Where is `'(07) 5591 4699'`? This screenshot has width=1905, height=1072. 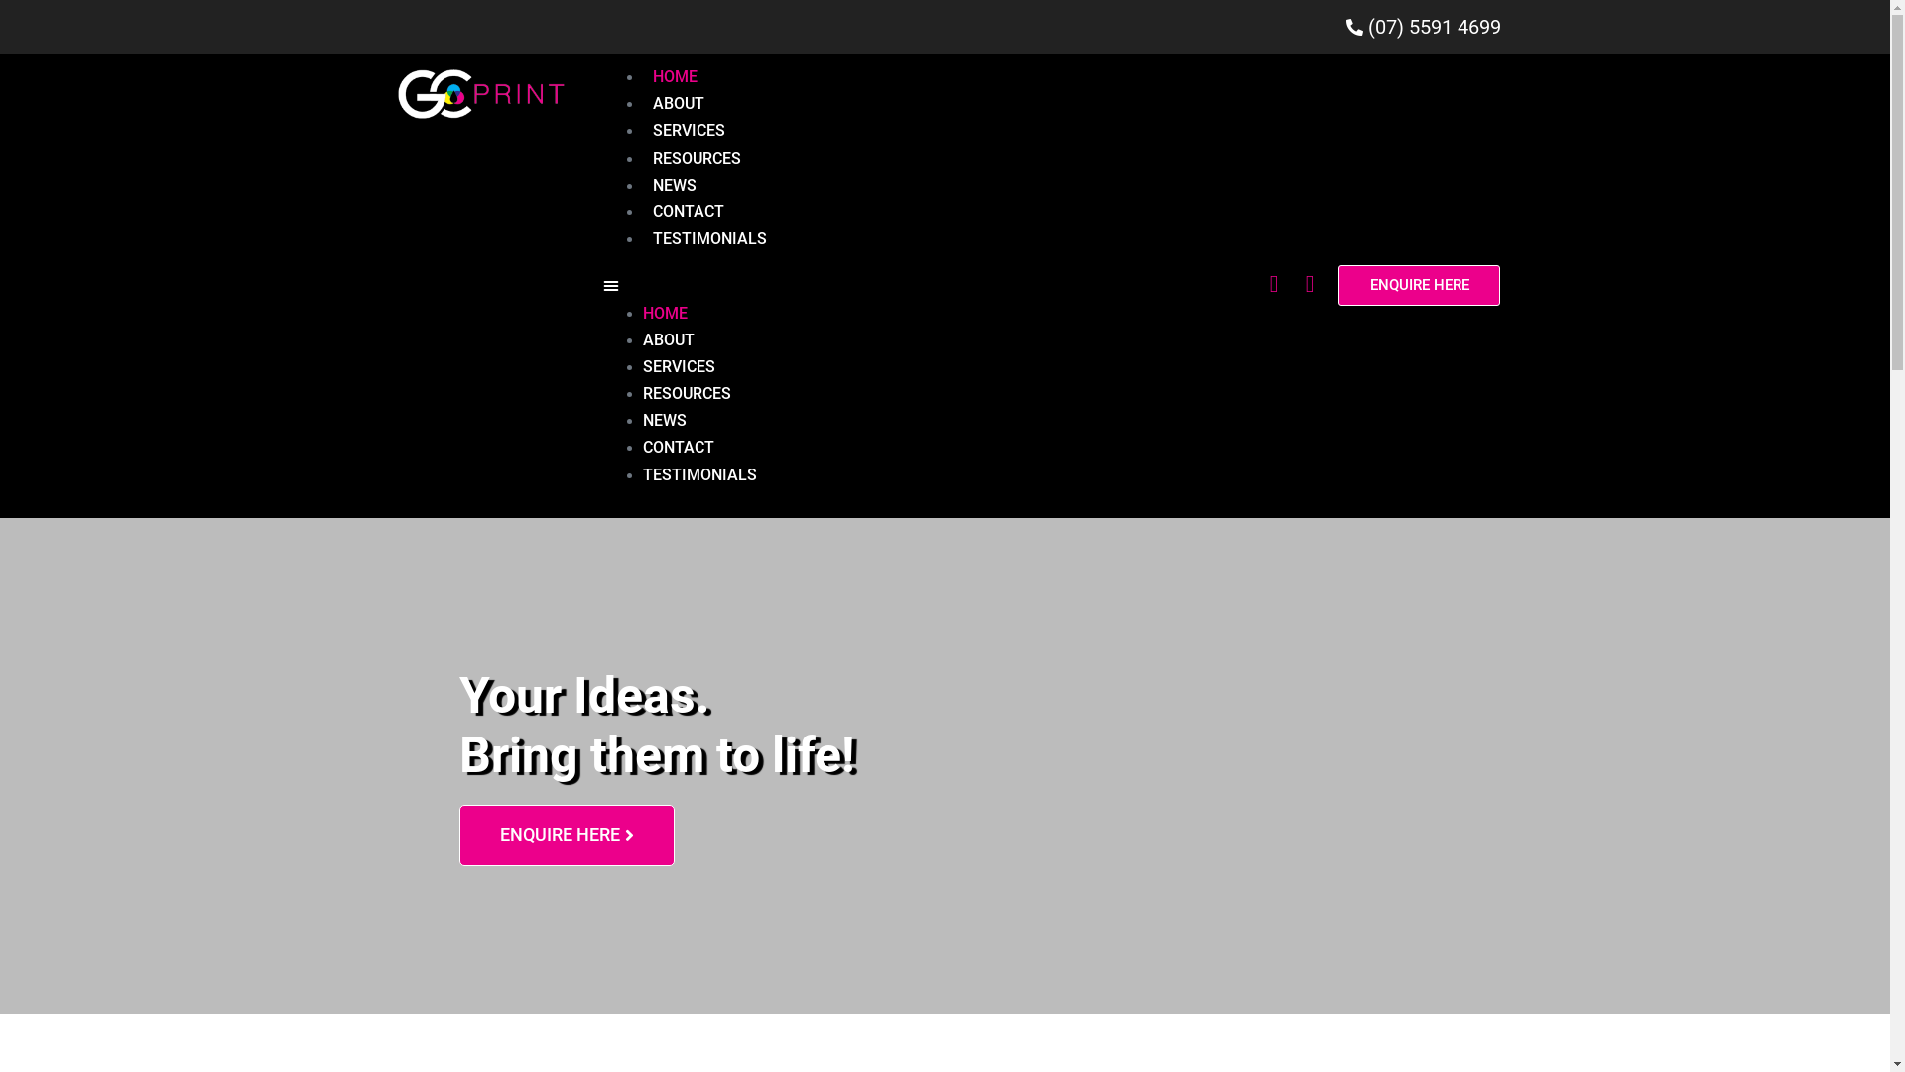
'(07) 5591 4699' is located at coordinates (943, 27).